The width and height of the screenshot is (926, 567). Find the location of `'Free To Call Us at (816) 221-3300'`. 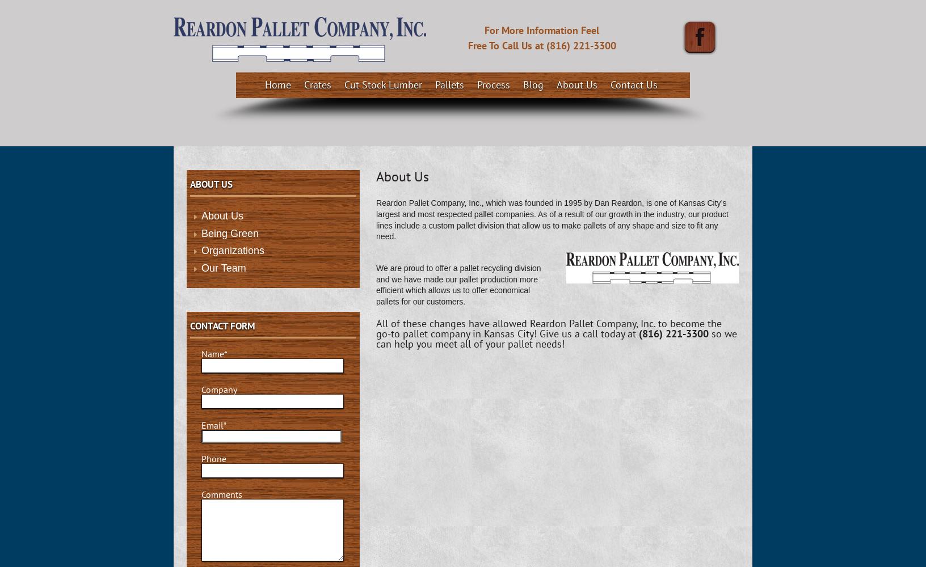

'Free To Call Us at (816) 221-3300' is located at coordinates (541, 44).